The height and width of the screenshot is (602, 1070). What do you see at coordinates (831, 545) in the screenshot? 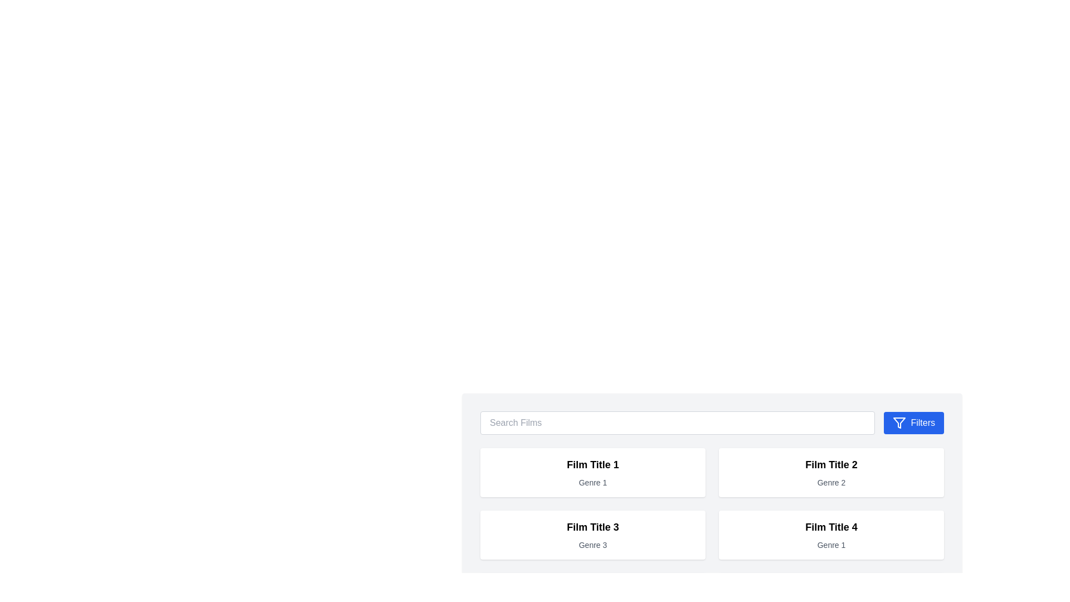
I see `the small text label reading 'Genre 1' which is styled in gray and located directly below the 'Film Title 4' label in the bottom-right card of a 2x2 grid` at bounding box center [831, 545].